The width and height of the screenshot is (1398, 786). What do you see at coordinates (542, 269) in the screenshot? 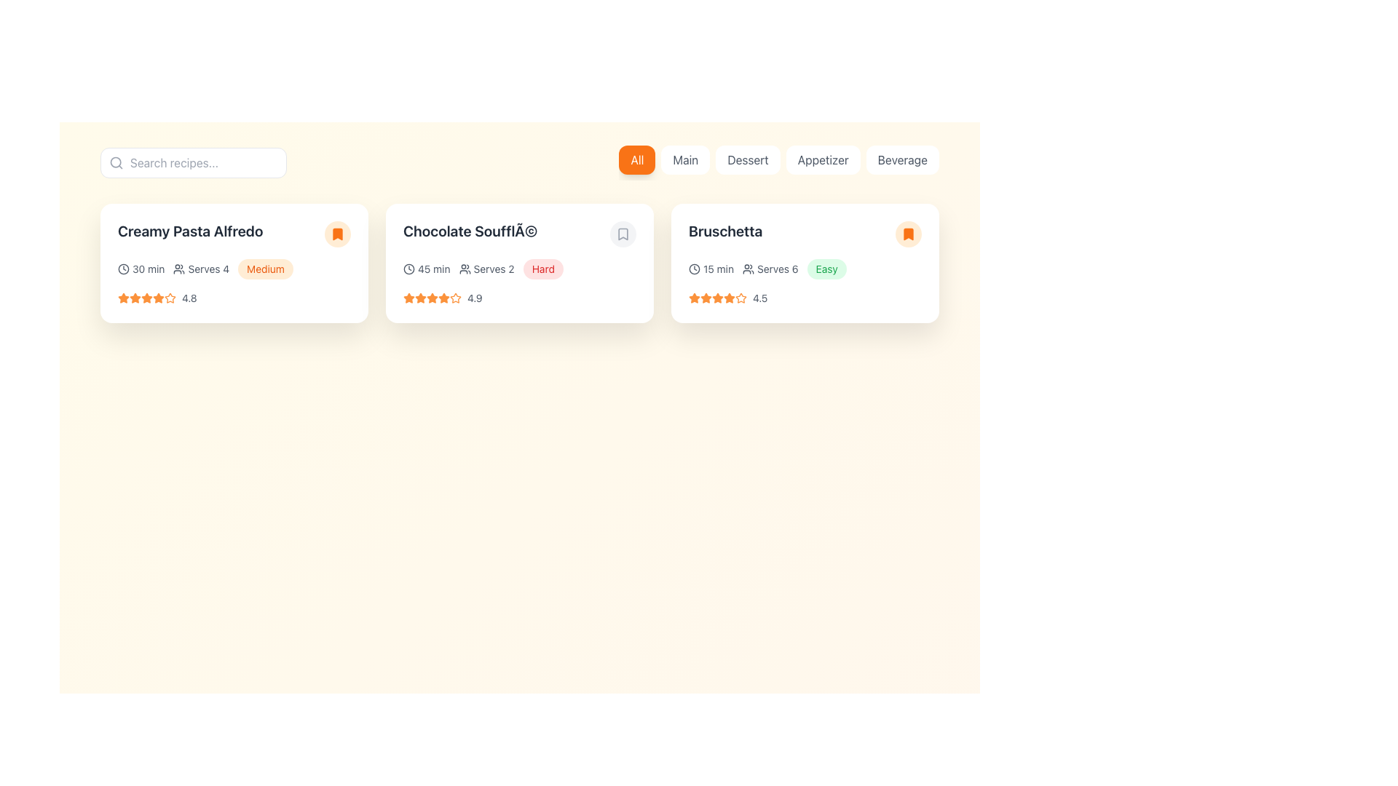
I see `'Hard' difficulty level label located in the details section of the 'Chocolate Soufflé' card, to the right of the 'Serves 2' text` at bounding box center [542, 269].